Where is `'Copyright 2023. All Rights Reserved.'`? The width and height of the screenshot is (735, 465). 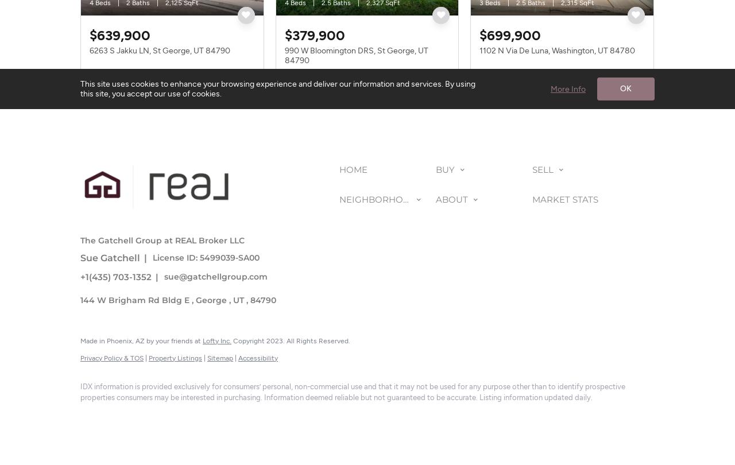
'Copyright 2023. All Rights Reserved.' is located at coordinates (291, 340).